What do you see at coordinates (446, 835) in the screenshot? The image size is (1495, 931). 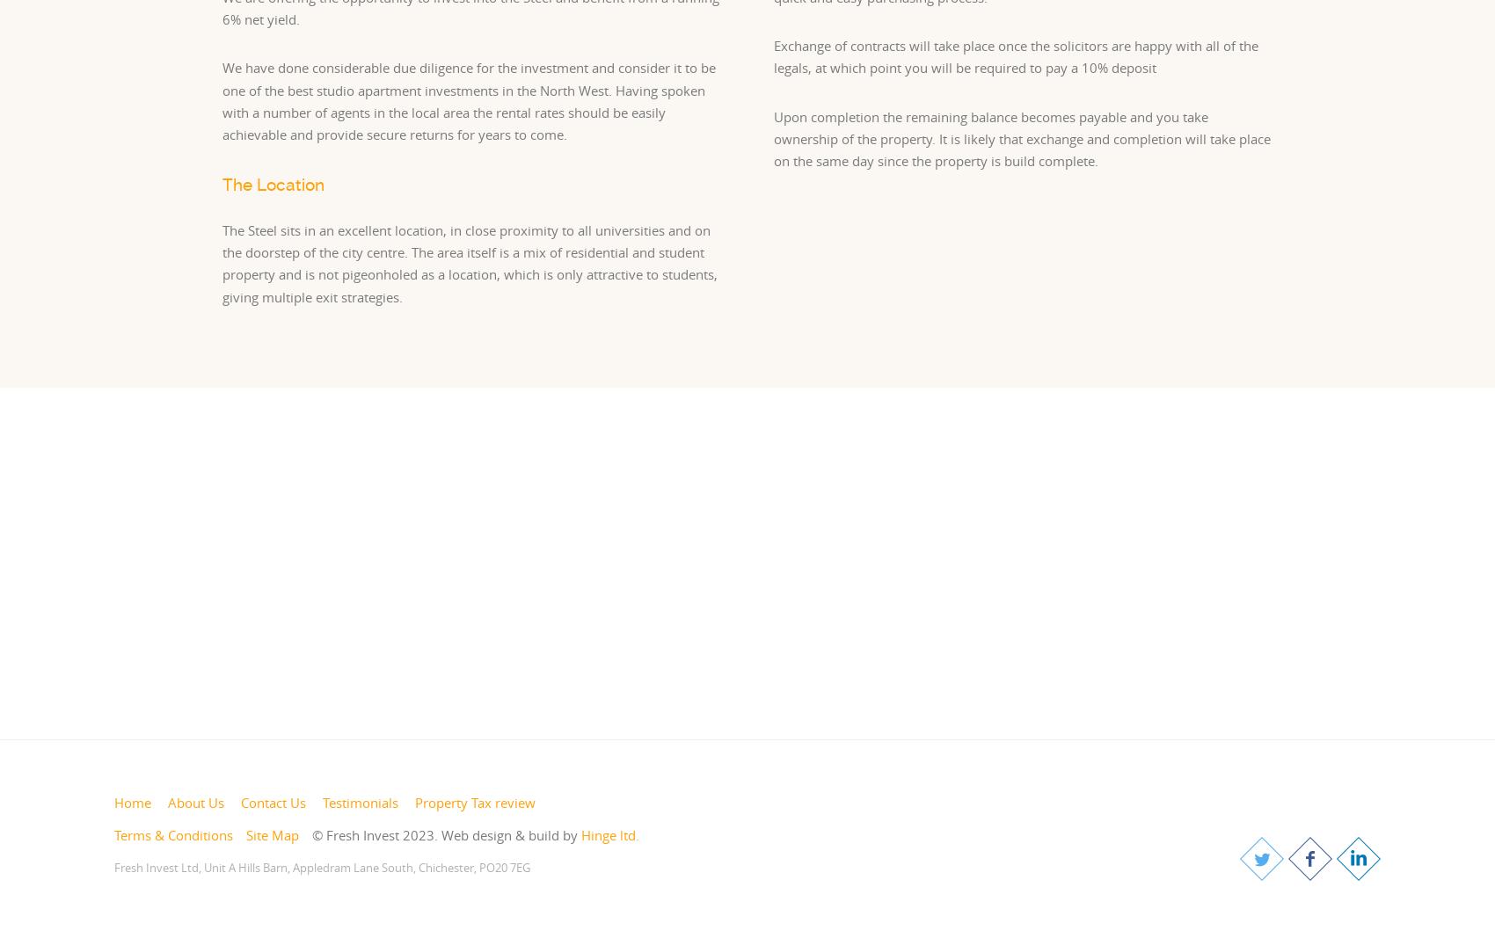 I see `'© Fresh Invest 2023.  Web design & build by'` at bounding box center [446, 835].